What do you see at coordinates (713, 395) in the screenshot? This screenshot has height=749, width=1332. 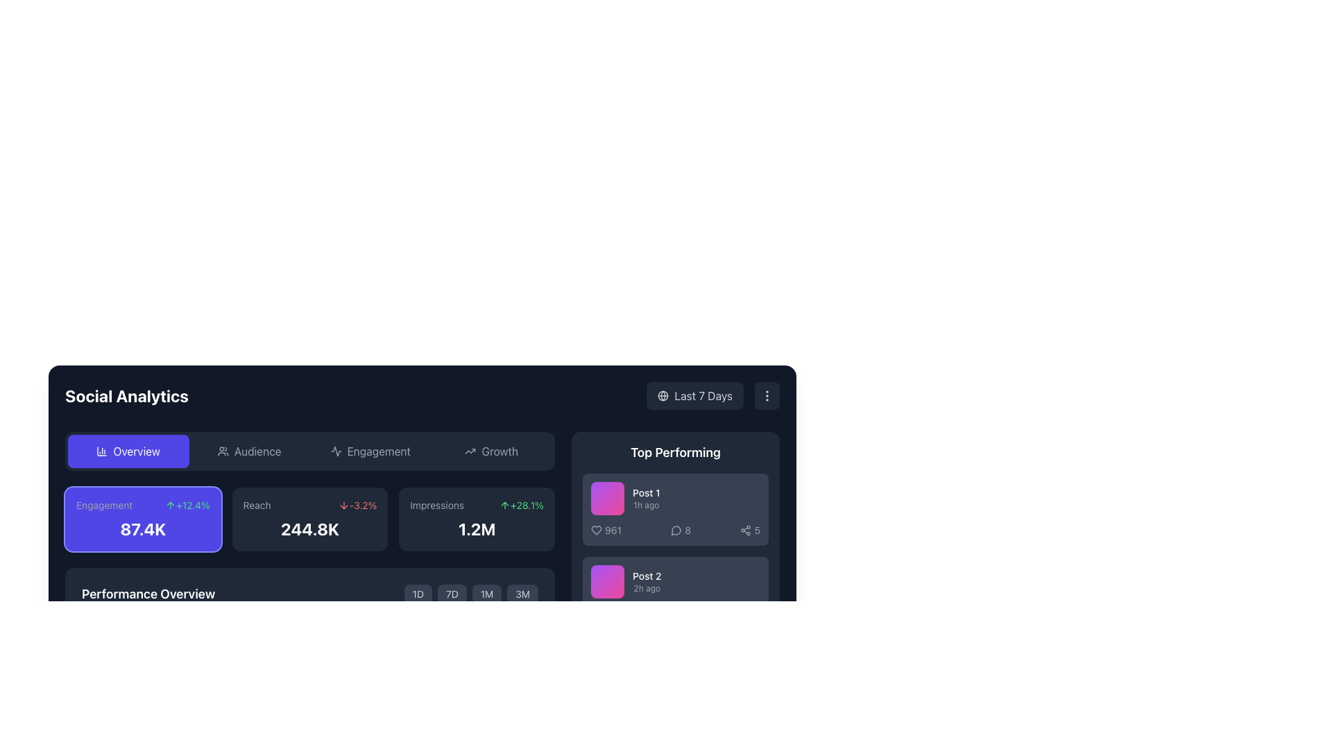 I see `the 'Last 7 Days' button with a globe icon located in the top-right corner of the 'Social Analytics' header section` at bounding box center [713, 395].